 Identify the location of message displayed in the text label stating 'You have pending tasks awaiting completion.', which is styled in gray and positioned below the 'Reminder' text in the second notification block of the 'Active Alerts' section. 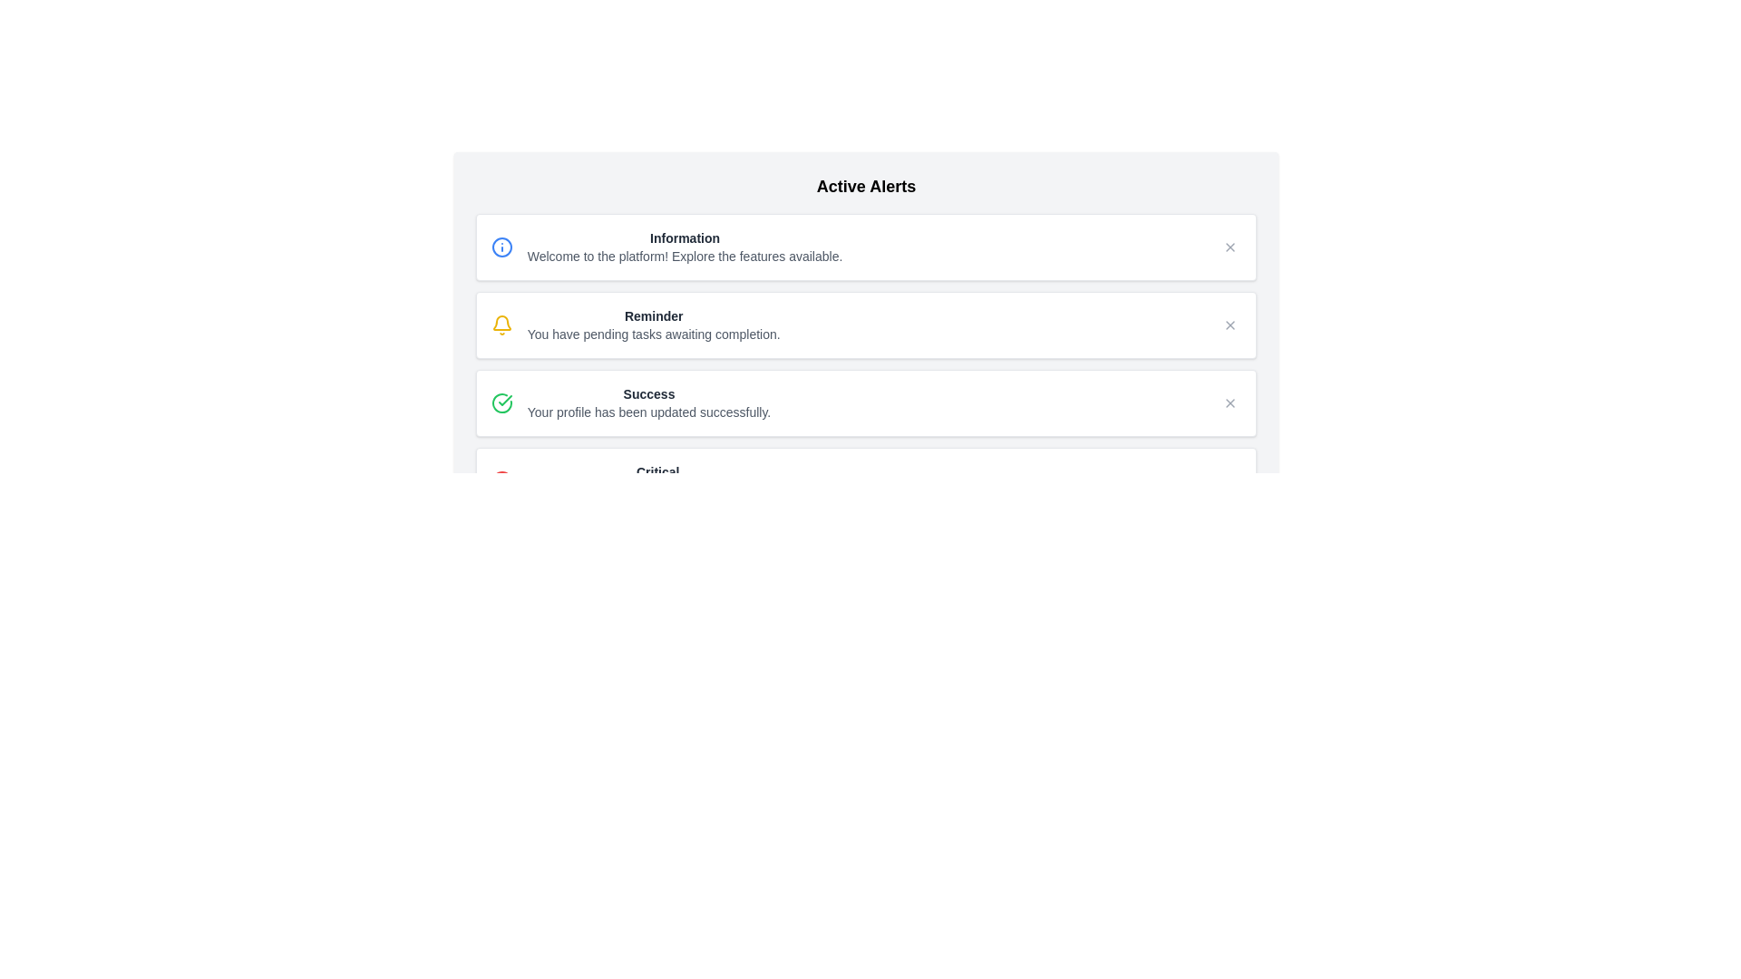
(653, 334).